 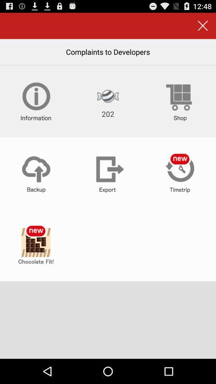 I want to click on export document, so click(x=108, y=173).